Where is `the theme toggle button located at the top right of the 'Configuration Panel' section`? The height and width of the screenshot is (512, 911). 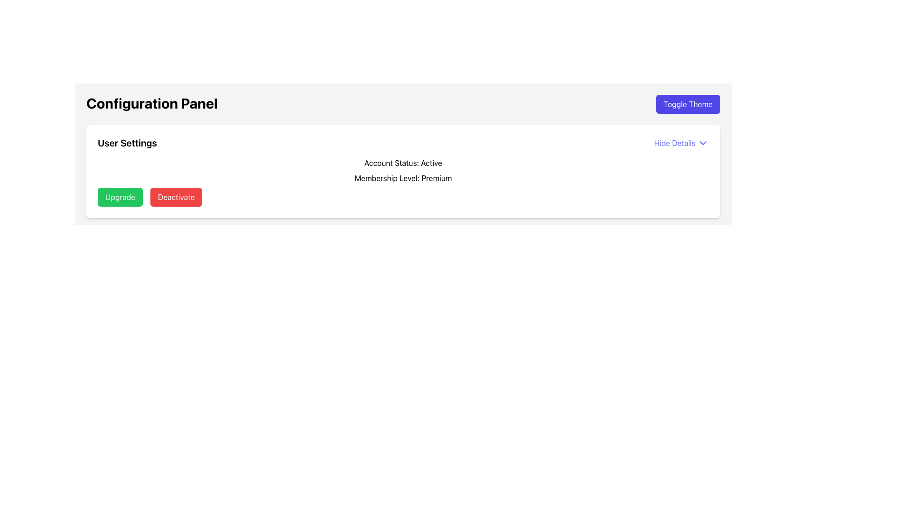 the theme toggle button located at the top right of the 'Configuration Panel' section is located at coordinates (688, 104).